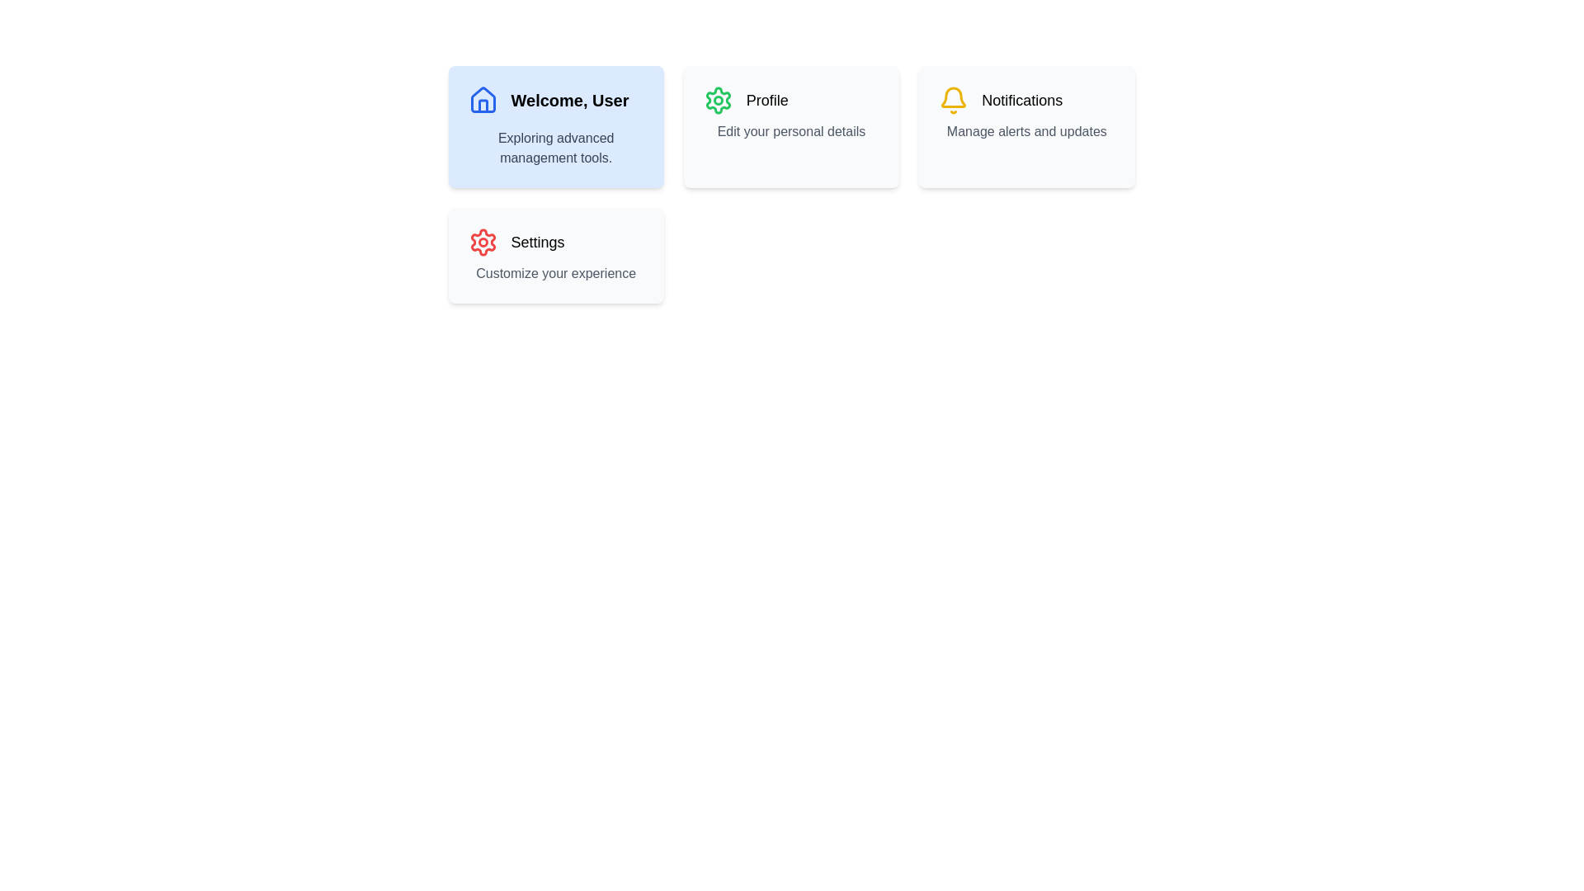 The image size is (1584, 891). Describe the element at coordinates (482, 242) in the screenshot. I see `the red gear icon representing settings located within the 'Settings' card beneath the 'Welcome, User' section` at that location.